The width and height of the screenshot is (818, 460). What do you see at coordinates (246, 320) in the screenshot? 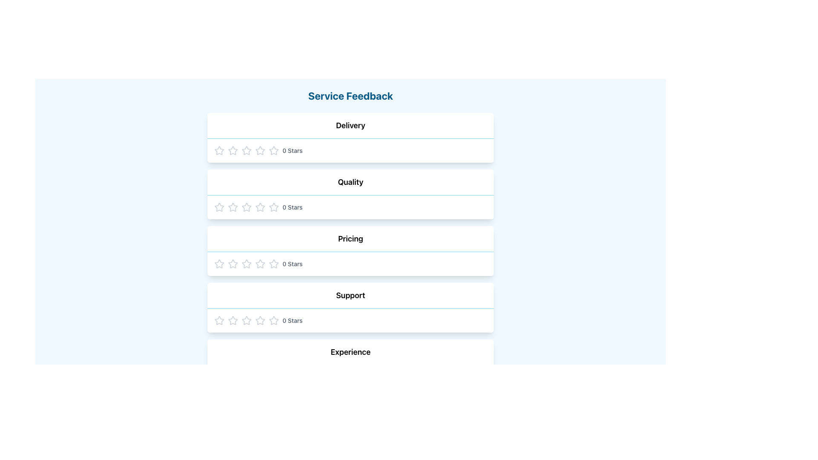
I see `the first star in the Support rating section for visual feedback indicating interactivity` at bounding box center [246, 320].